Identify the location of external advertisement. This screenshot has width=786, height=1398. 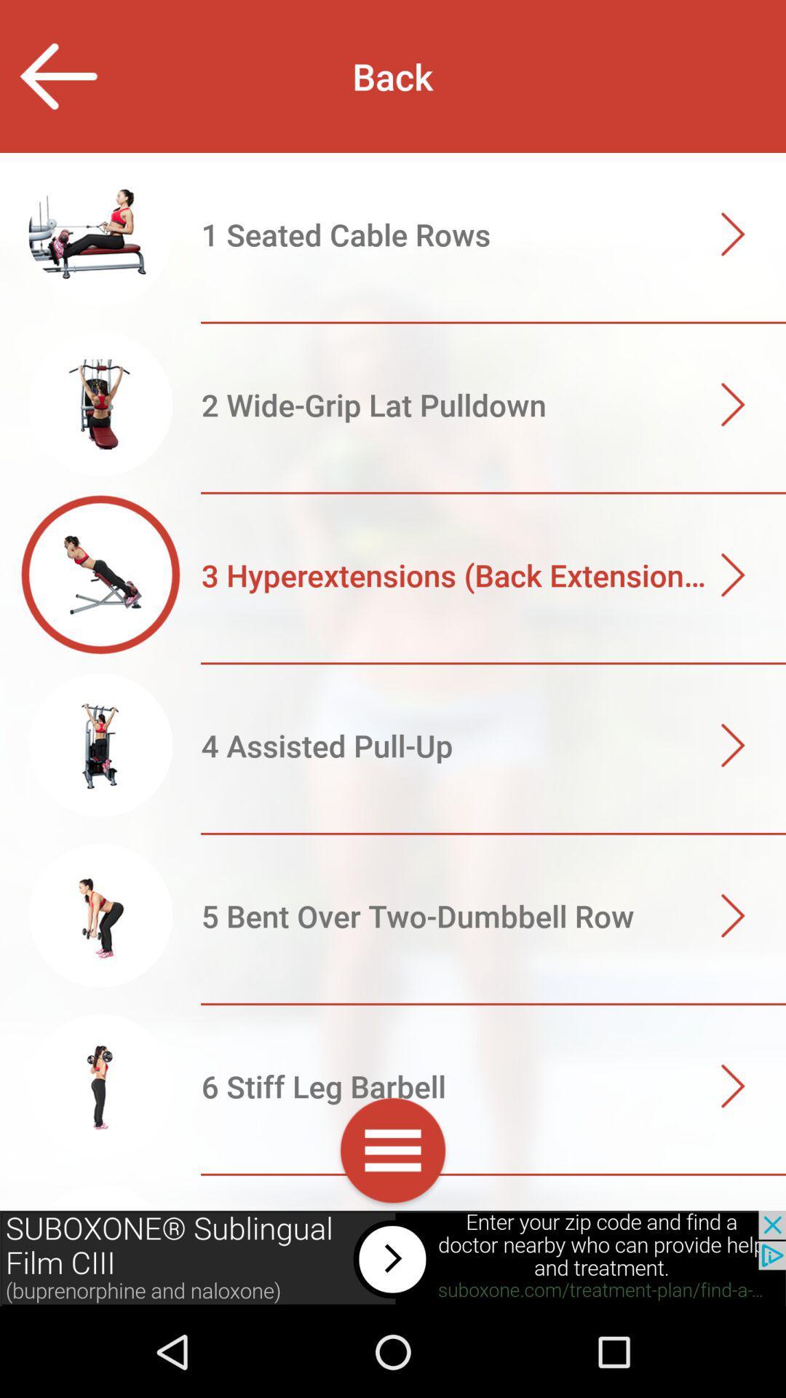
(393, 1257).